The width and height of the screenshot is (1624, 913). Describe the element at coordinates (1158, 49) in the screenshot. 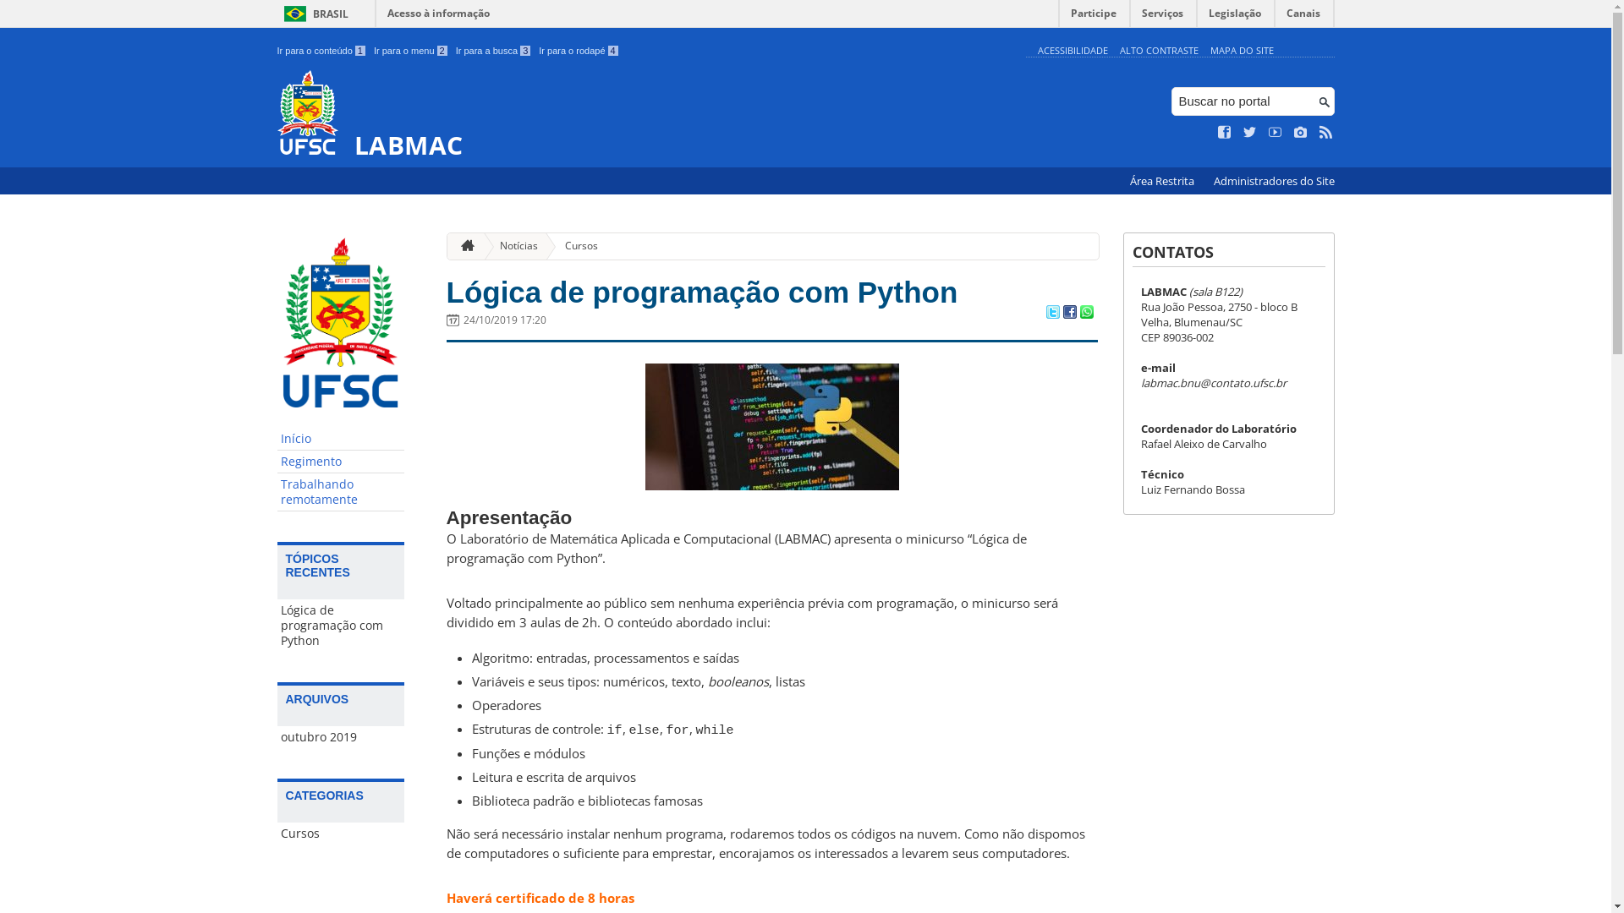

I see `'ALTO CONTRASTE'` at that location.